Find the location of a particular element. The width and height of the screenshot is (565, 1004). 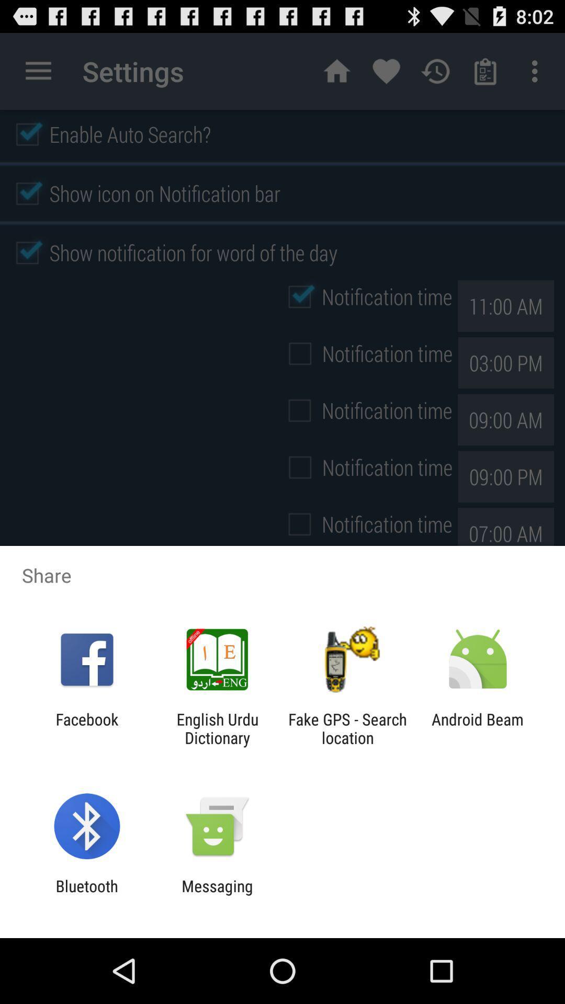

item next to the android beam item is located at coordinates (347, 728).